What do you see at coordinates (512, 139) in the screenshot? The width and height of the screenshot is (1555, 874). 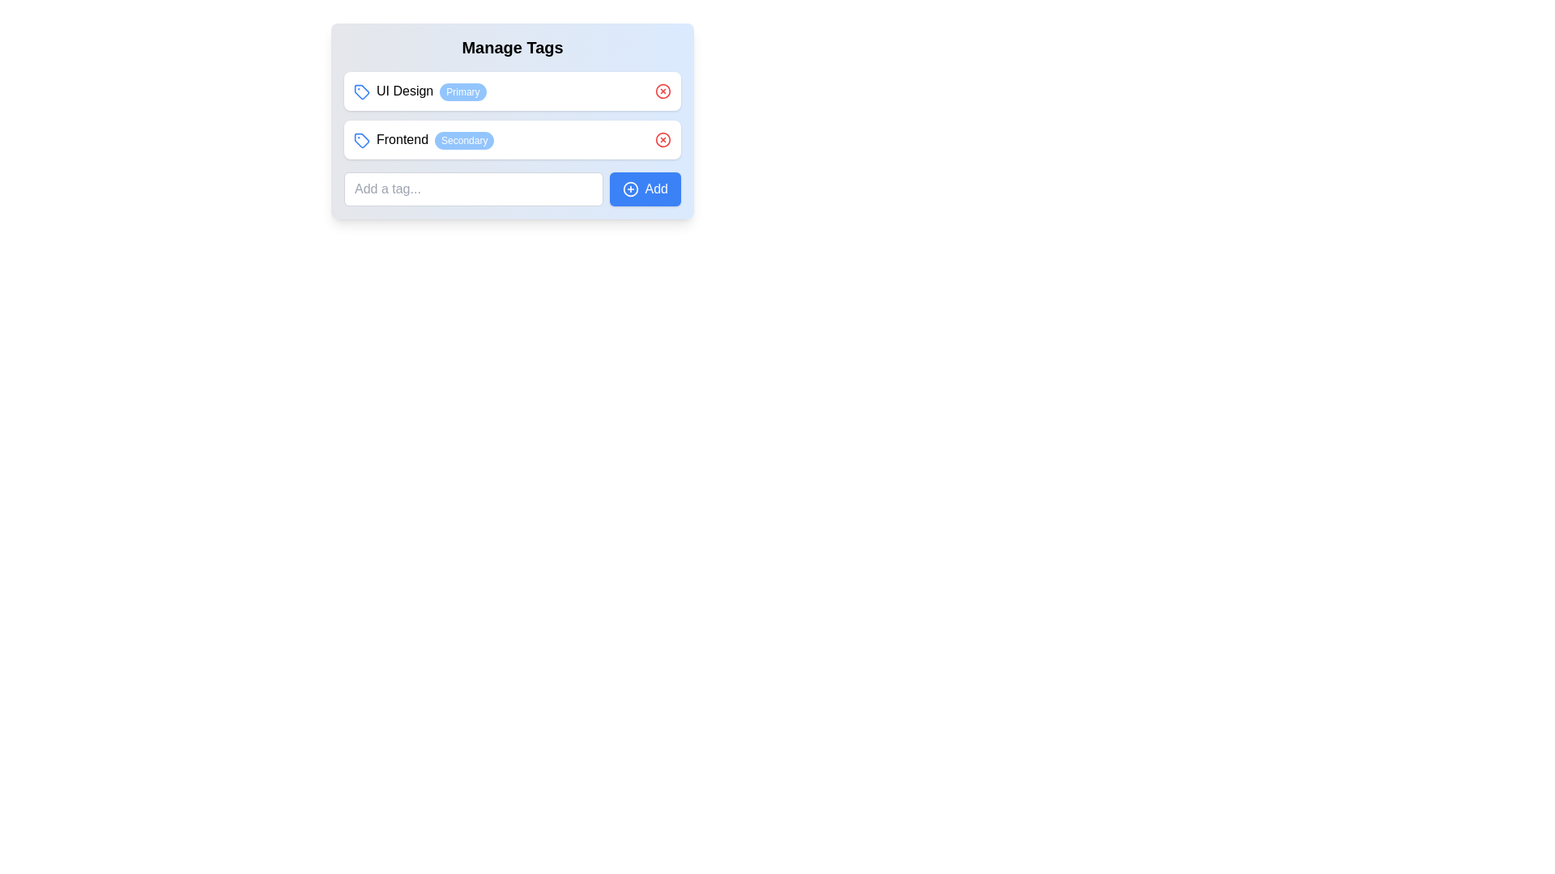 I see `the Informational Tag Group which is the second entry under the 'Manage Tags' section, featuring a blue tag icon, bold text 'Frontend', a blue badge labeled 'Secondary', and a red cross icon` at bounding box center [512, 139].